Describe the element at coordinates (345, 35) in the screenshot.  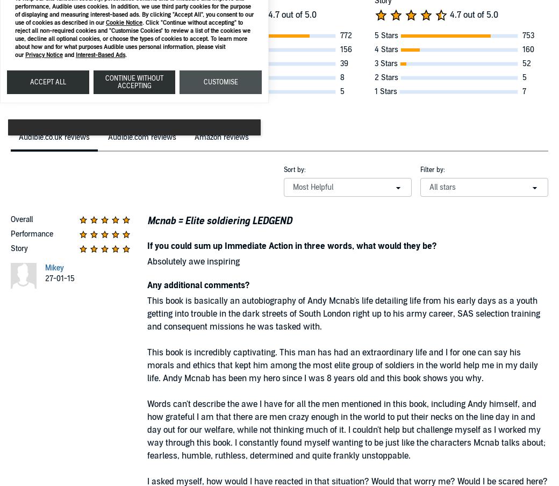
I see `'772'` at that location.